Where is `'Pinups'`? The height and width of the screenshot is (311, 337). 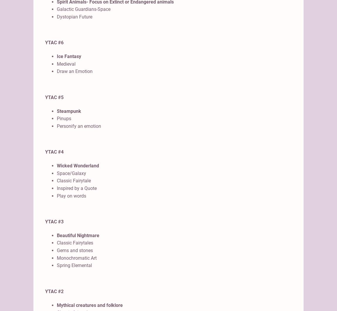 'Pinups' is located at coordinates (64, 118).